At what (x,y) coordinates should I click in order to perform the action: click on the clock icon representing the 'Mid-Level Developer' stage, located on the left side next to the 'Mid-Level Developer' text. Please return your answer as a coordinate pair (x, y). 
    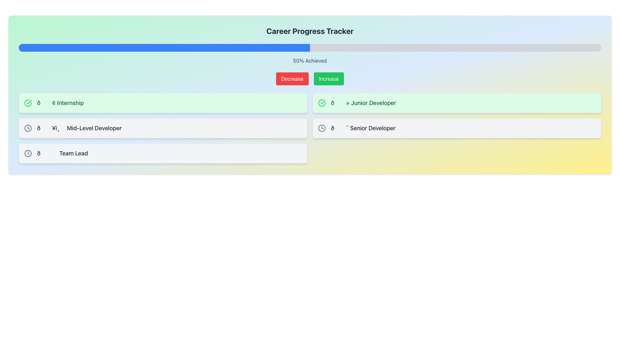
    Looking at the image, I should click on (27, 128).